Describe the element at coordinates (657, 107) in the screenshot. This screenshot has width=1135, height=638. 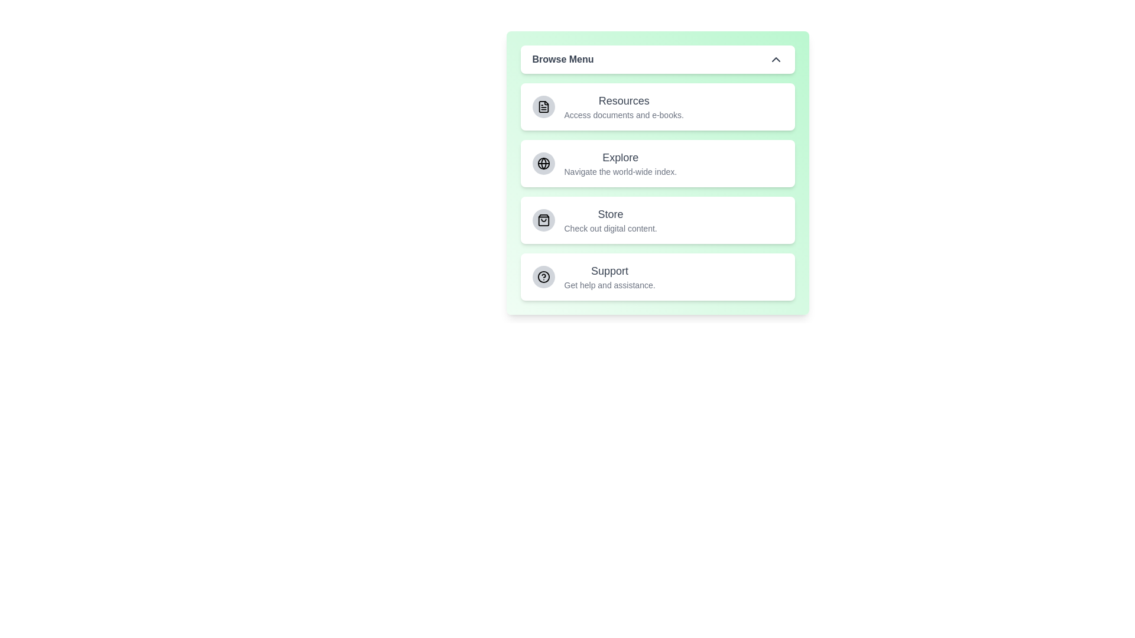
I see `the menu item Resources by clicking on it` at that location.